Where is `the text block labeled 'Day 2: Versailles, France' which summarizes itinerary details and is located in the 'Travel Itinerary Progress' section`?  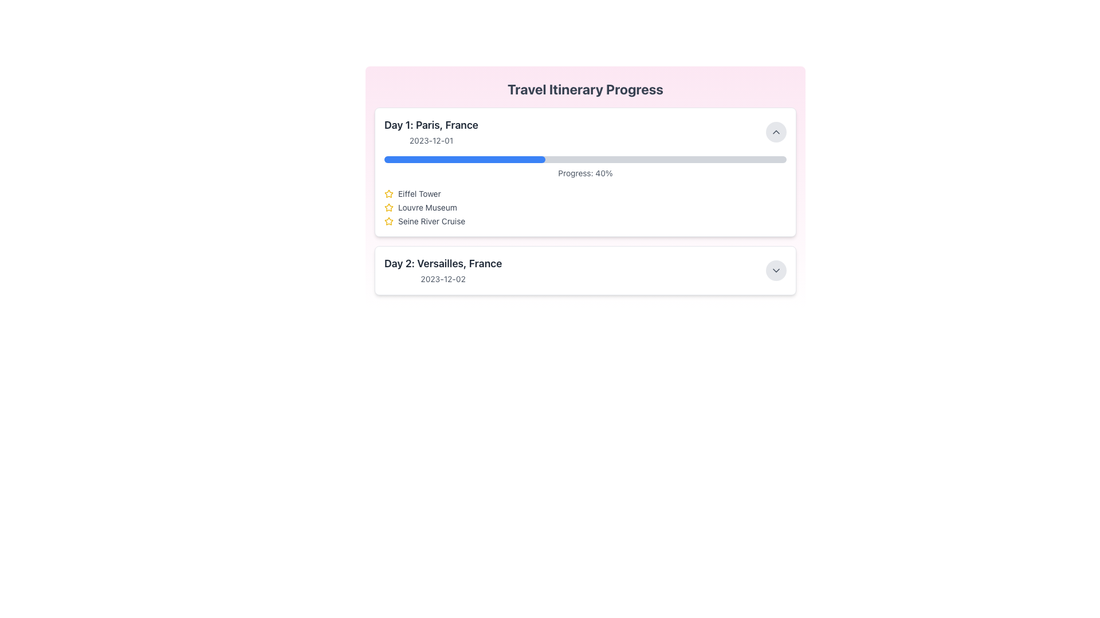
the text block labeled 'Day 2: Versailles, France' which summarizes itinerary details and is located in the 'Travel Itinerary Progress' section is located at coordinates (442, 271).